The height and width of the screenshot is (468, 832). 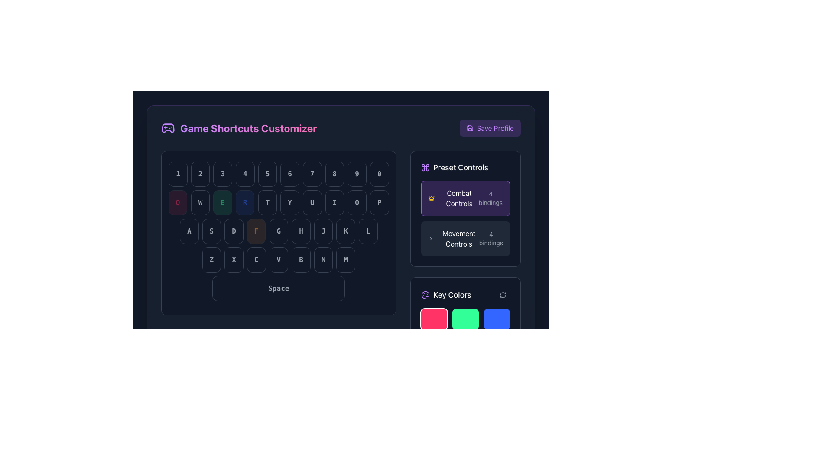 I want to click on the color palette icon located to the left of the 'Key Colors' text in the bottom-right section of the interface, so click(x=425, y=295).